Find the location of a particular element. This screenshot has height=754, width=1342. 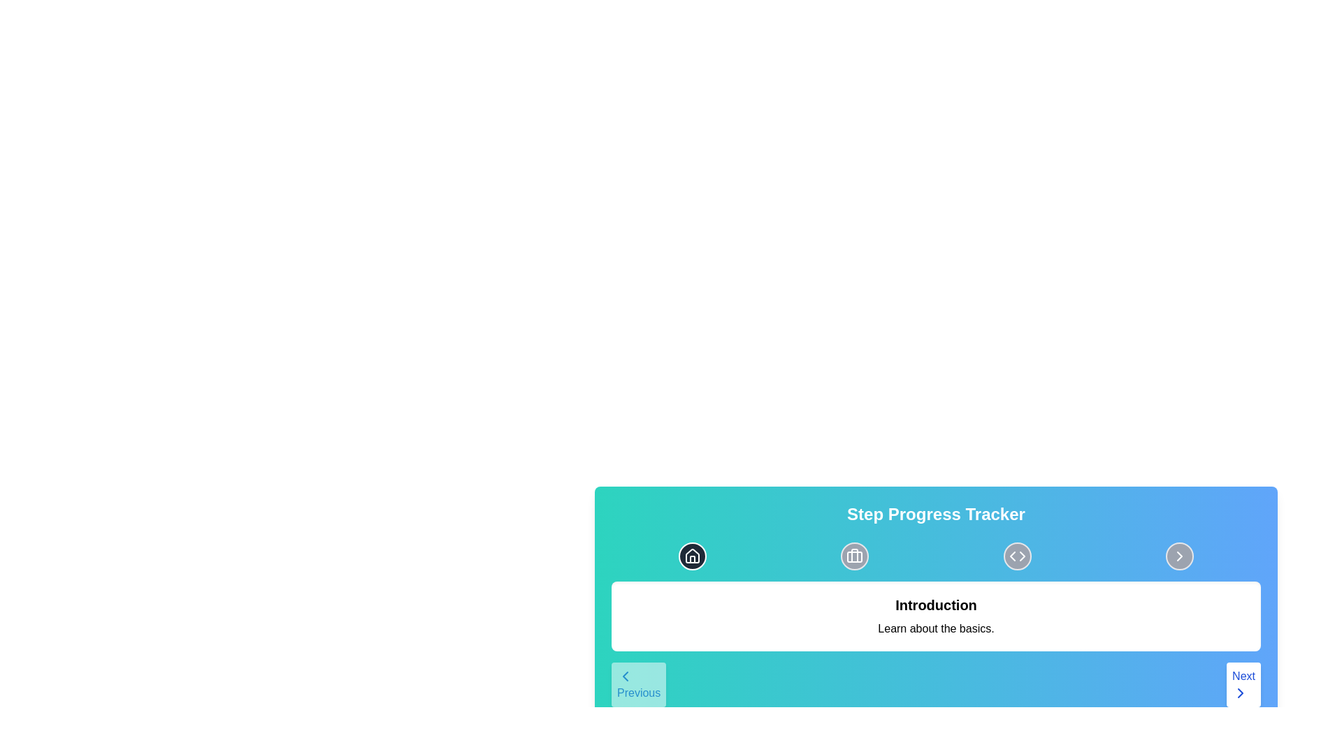

the small outlined house icon is located at coordinates (693, 559).